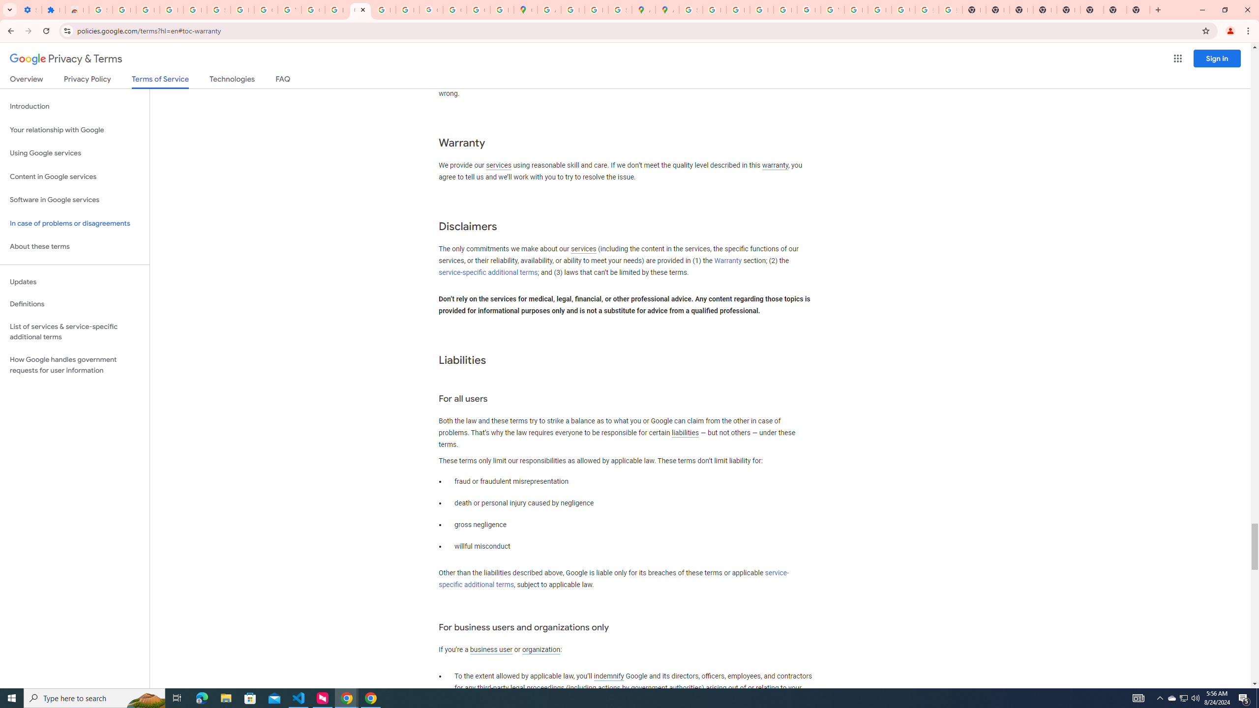 The width and height of the screenshot is (1259, 708). Describe the element at coordinates (74, 246) in the screenshot. I see `'About these terms'` at that location.